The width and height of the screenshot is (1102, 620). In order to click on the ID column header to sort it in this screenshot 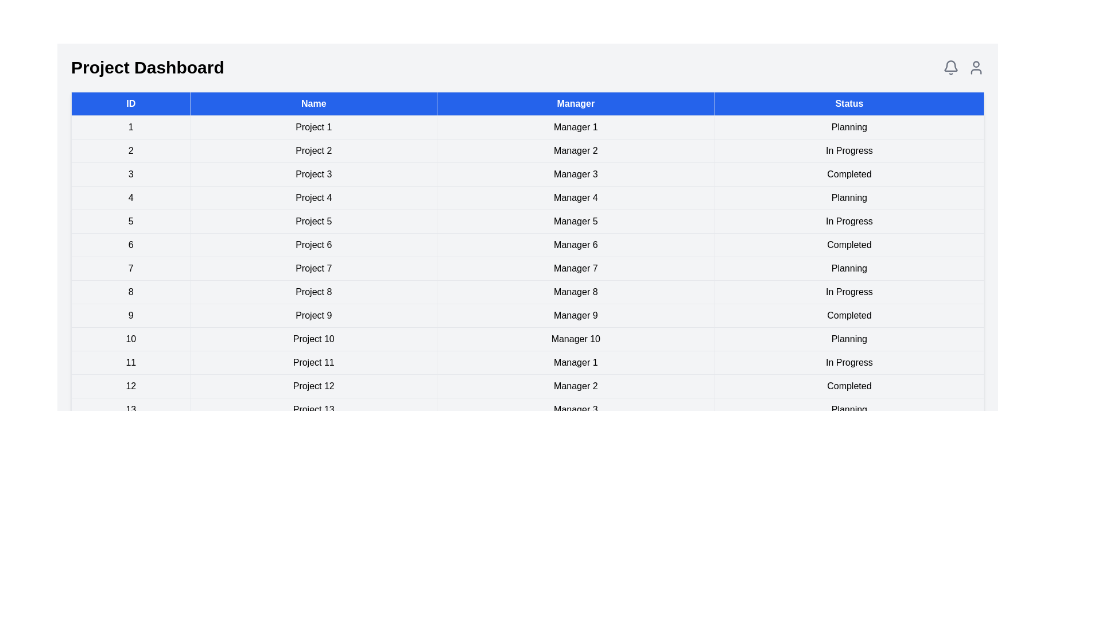, I will do `click(131, 104)`.